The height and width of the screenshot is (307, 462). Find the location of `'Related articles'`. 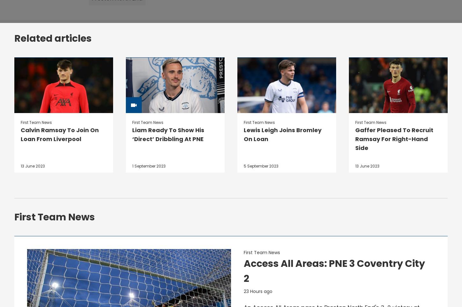

'Related articles' is located at coordinates (14, 38).